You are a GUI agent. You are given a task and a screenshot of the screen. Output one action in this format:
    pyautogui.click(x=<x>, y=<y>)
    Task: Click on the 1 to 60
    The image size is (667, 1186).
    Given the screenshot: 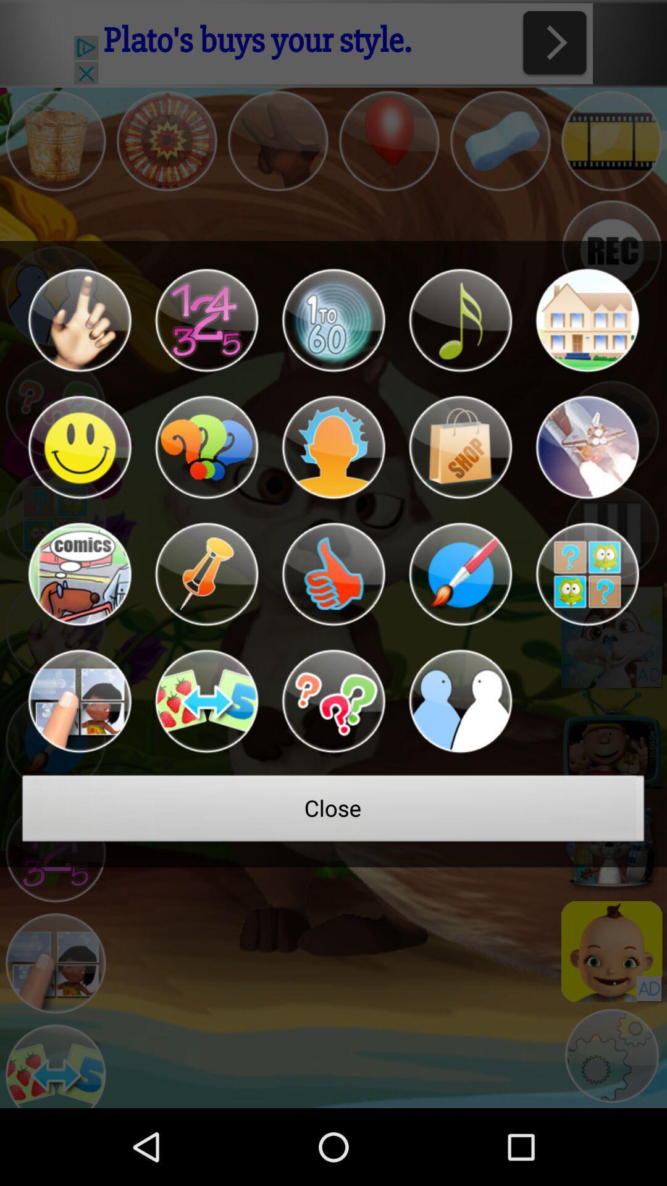 What is the action you would take?
    pyautogui.click(x=333, y=320)
    